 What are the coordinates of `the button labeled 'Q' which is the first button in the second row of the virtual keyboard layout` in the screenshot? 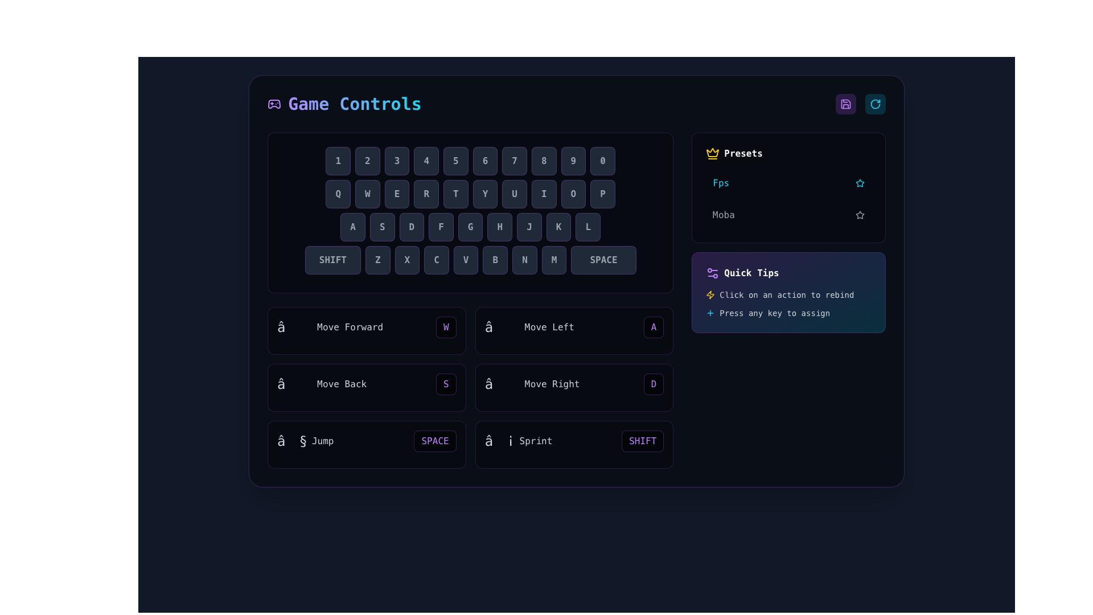 It's located at (338, 193).